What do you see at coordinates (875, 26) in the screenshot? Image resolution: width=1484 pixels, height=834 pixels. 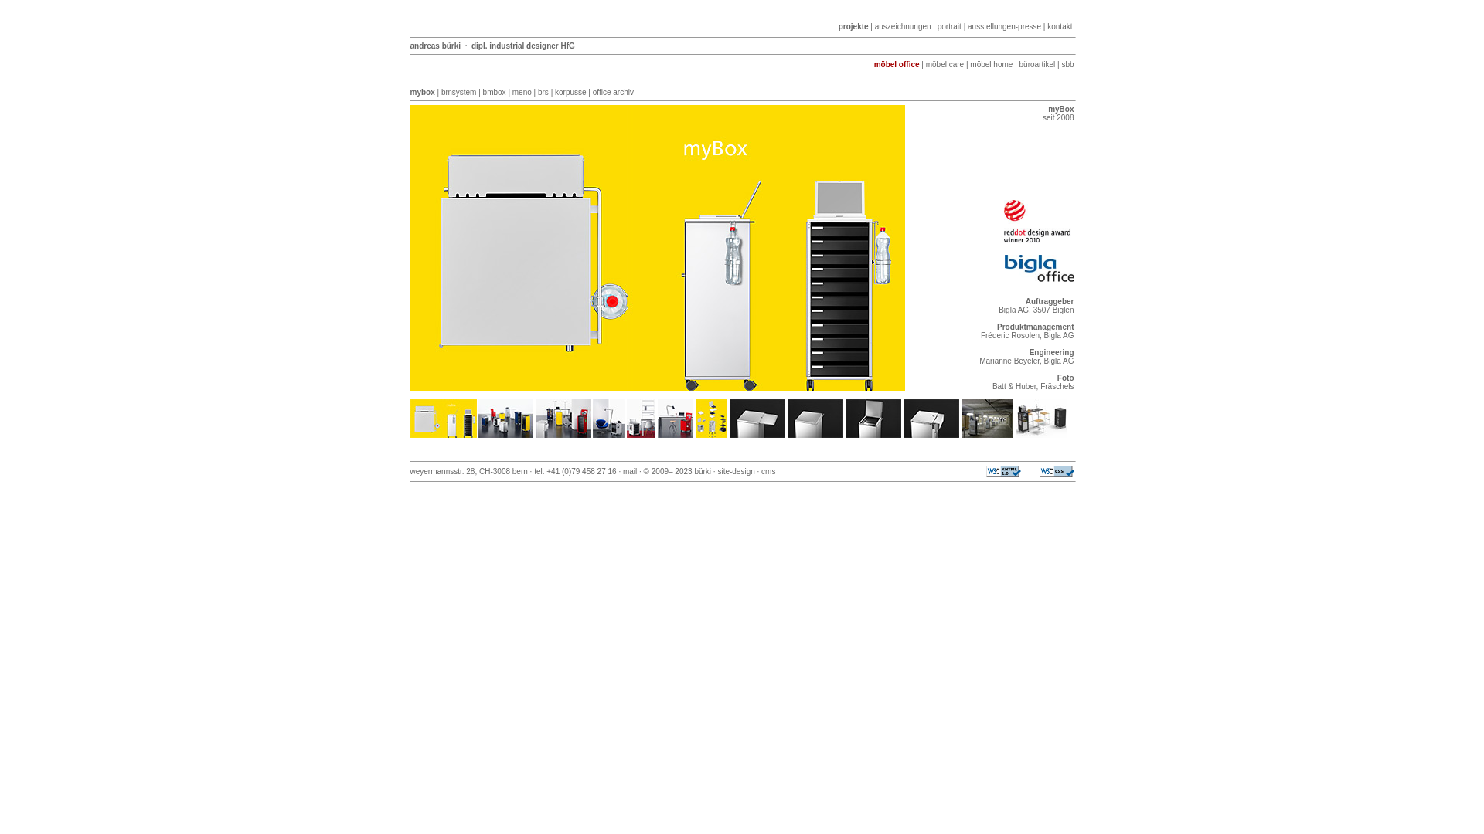 I see `'auszeichnungen'` at bounding box center [875, 26].